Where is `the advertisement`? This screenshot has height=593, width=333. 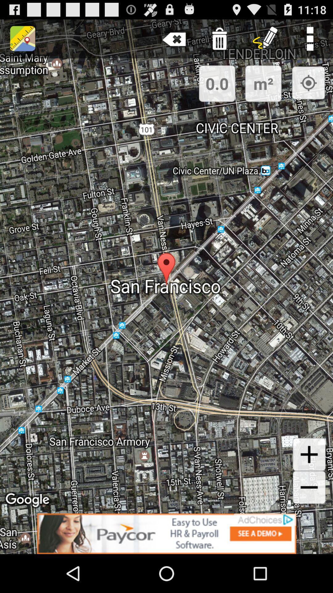
the advertisement is located at coordinates (166, 533).